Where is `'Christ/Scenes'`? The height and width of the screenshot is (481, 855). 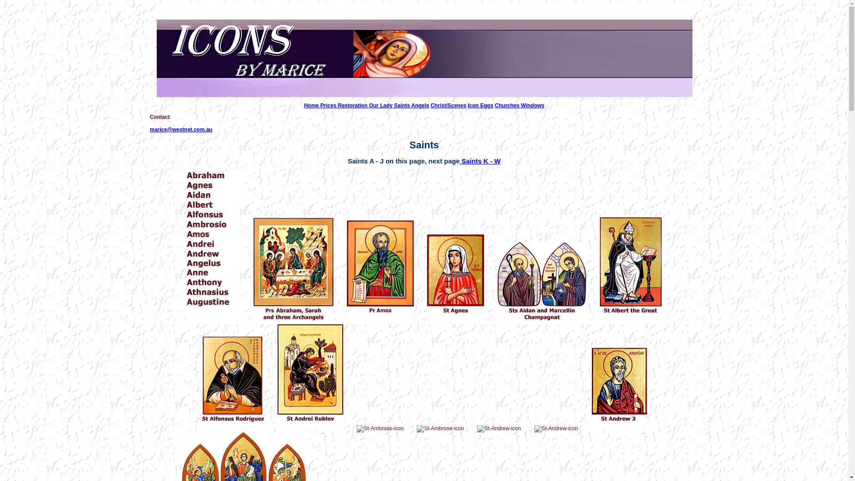
'Christ/Scenes' is located at coordinates (448, 105).